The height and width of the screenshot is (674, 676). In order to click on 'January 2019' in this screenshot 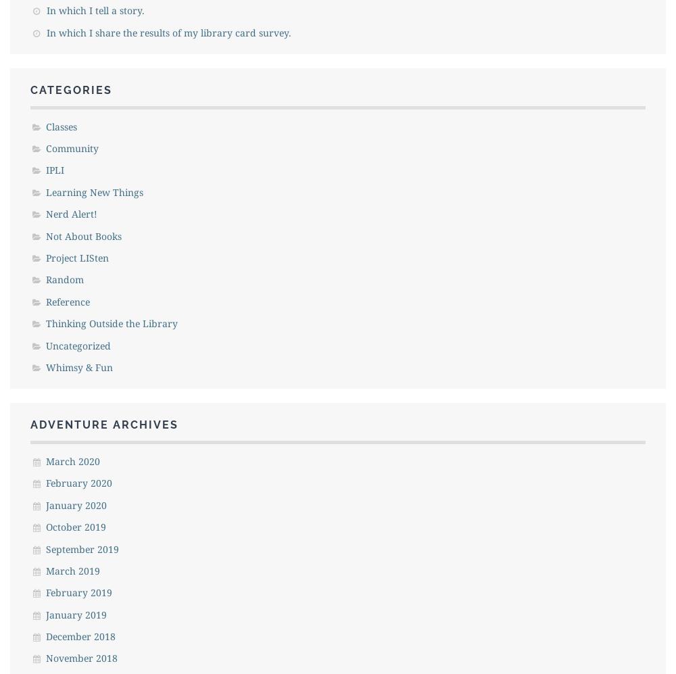, I will do `click(76, 614)`.